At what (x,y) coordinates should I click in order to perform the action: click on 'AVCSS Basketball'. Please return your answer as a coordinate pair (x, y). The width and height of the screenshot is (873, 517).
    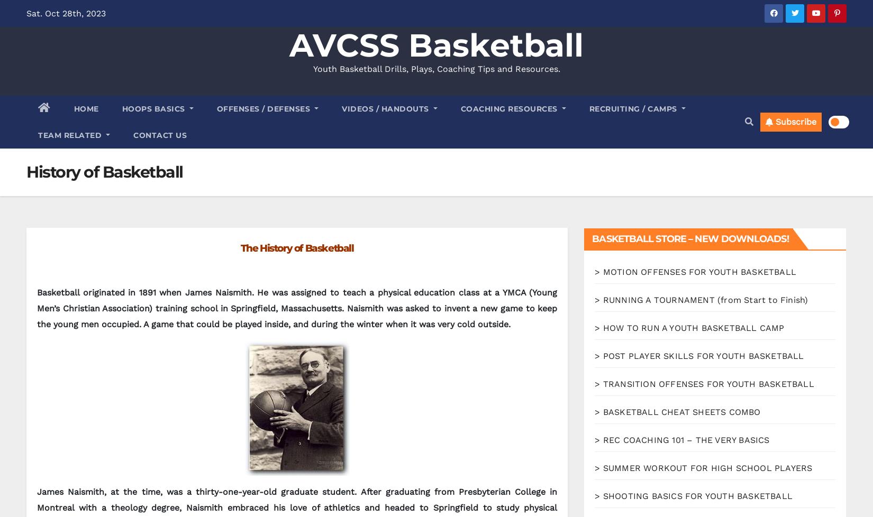
    Looking at the image, I should click on (288, 45).